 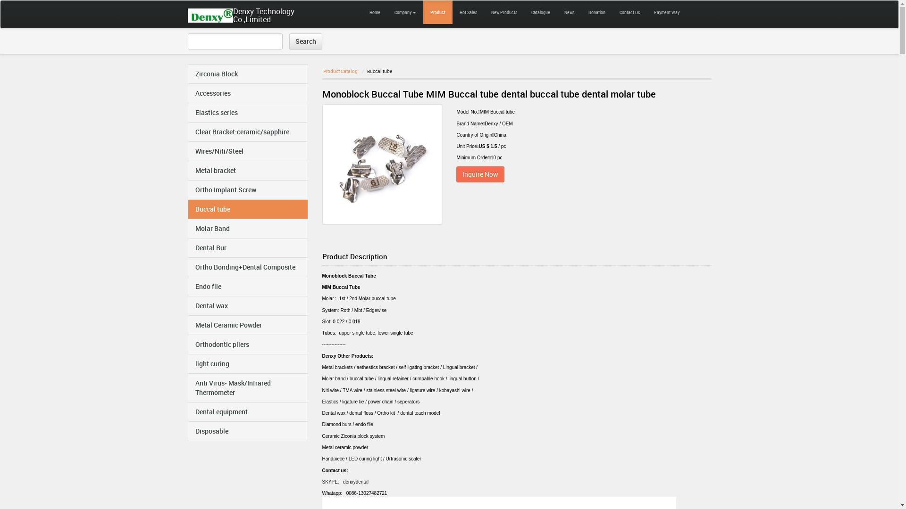 I want to click on 'Home', so click(x=374, y=12).